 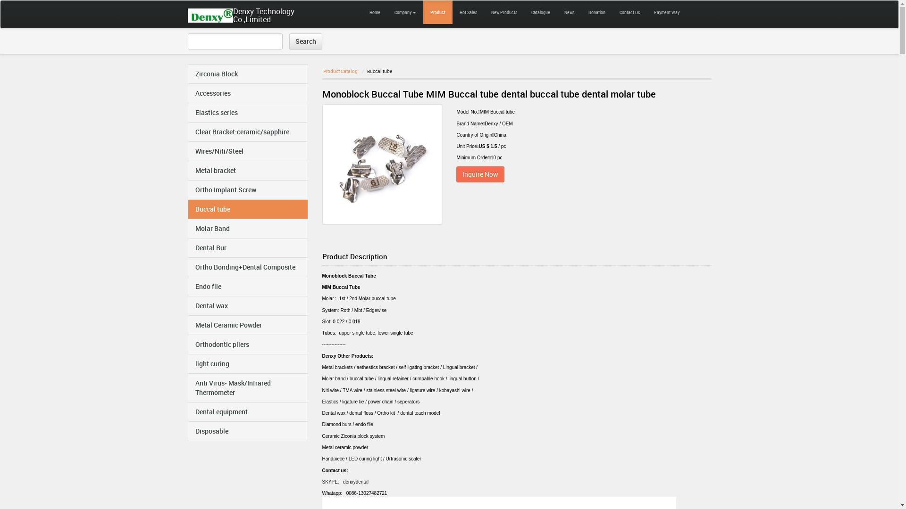 I want to click on 'Home', so click(x=374, y=12).